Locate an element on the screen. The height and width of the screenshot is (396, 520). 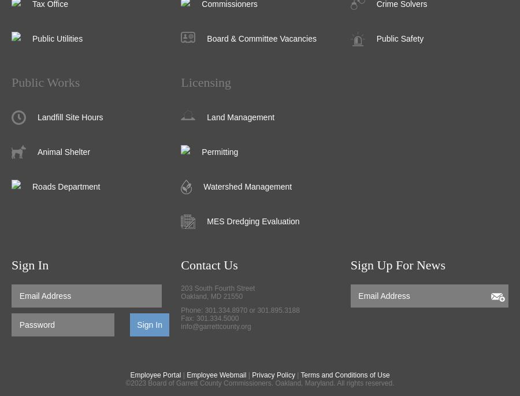
'Oakland, MD 21550' is located at coordinates (180, 296).